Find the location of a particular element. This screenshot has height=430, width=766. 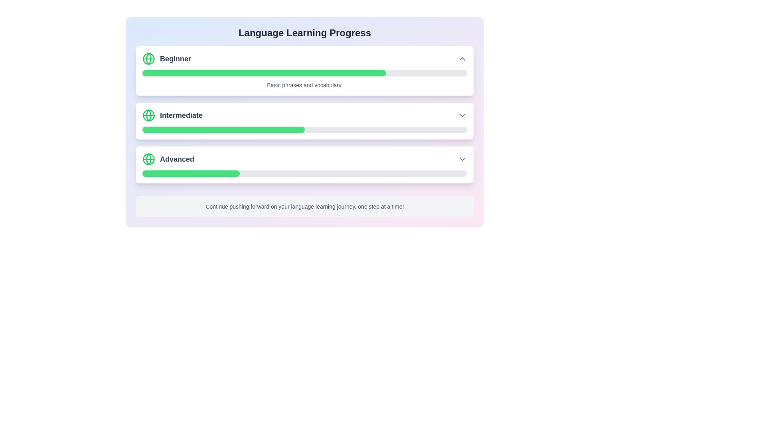

the circular part of the globe icon that visually represents planetary aspects, located to the left of the 'Advanced' label is located at coordinates (149, 159).